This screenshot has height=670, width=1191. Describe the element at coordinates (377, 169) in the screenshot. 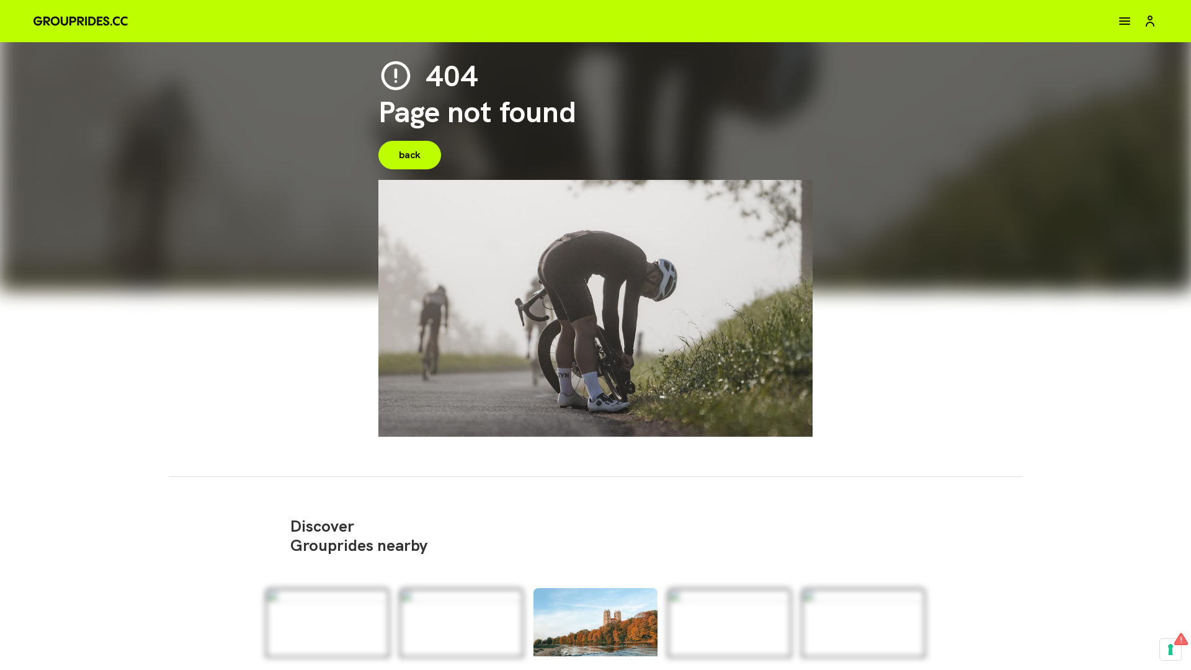

I see `'back'` at that location.